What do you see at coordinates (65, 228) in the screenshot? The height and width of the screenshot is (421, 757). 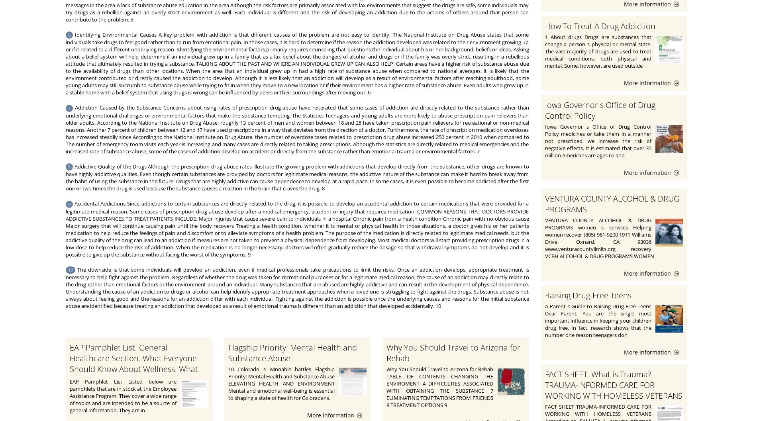 I see `'Accidental Addictions Since addictions to certain substances are directly related to the drug, it is possible to develop an accidental addiction to certain medications that were provided for a legitimate medical reason. Some cases of prescription drug abuse develop after a medical emergency, accident or injury that requires medication. COMMON REASONS THAT DOCTORS PROVIDE ADDICTIVE SUBSTANCES TO TREAT PATIENTS INCLUDE: Major injuries that cause severe pain to individuals in a hospital Chronic pain from a health condition Chronic pain with no obvious cause Major surgery that will continue causing pain until the body recovers Treating a health condition, whether it is mental or physical health In those situations, a doctor gives his or her patients medication to help reduce the feelings of pain and discomfort or to alleviate symptoms of a health problem. The purpose of the medication is directly related to legitimate medical needs, but the addictive quality of the drug can lead to an addiction if measures are not taken to prevent a physical dependence from developing. Most medical doctors will start providing prescription drugs in a low dose to help reduce the risk of addiction. When the medication is no longer necessary, doctors will often gradually reduce the dosage so that withdrawal symptoms do not develop and it is possible to give up the substance without facing the worst of the symptoms. 9'` at bounding box center [65, 228].